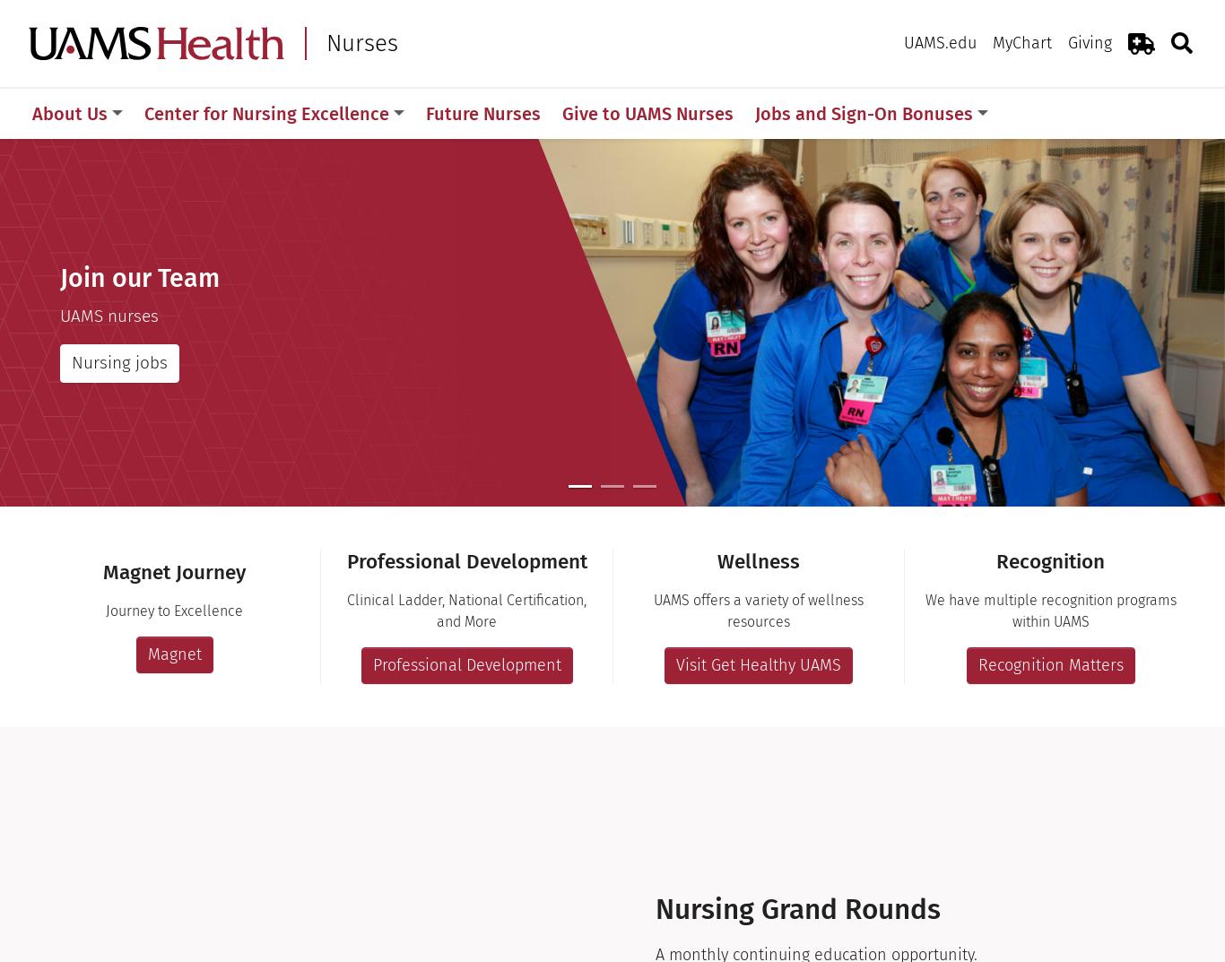 Image resolution: width=1225 pixels, height=962 pixels. What do you see at coordinates (1068, 41) in the screenshot?
I see `'Giving'` at bounding box center [1068, 41].